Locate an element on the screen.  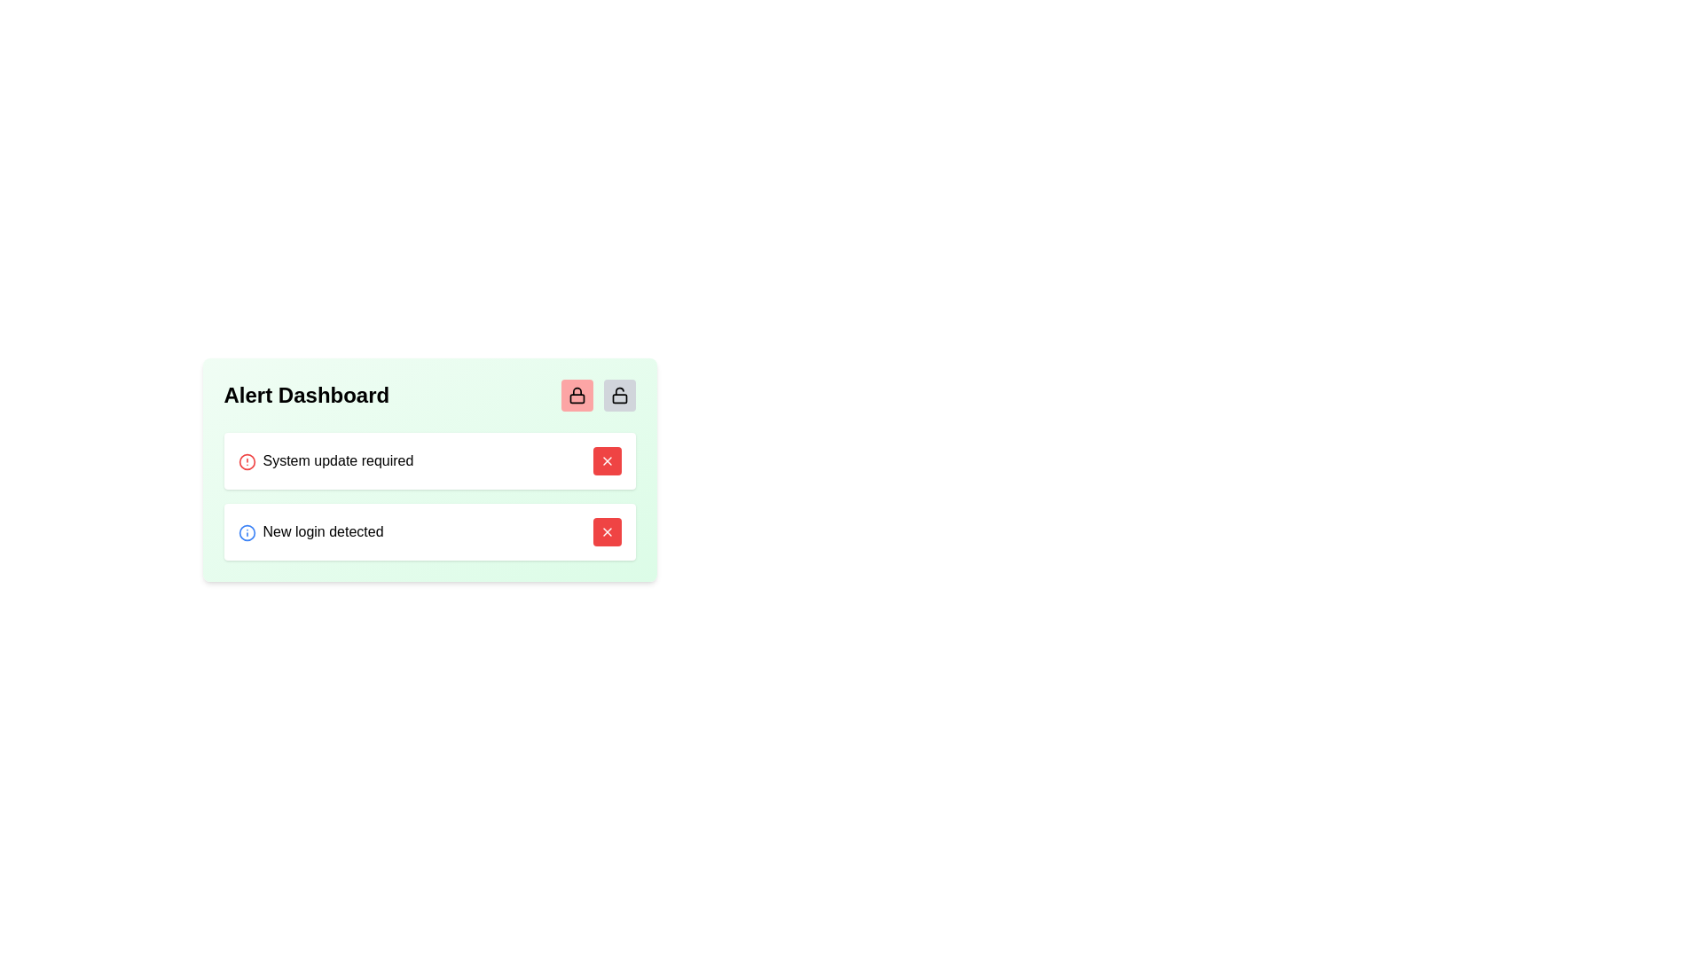
the opened lock icon button located in the upper right corner of the green 'Alert Dashboard' panel for additional information is located at coordinates (619, 395).